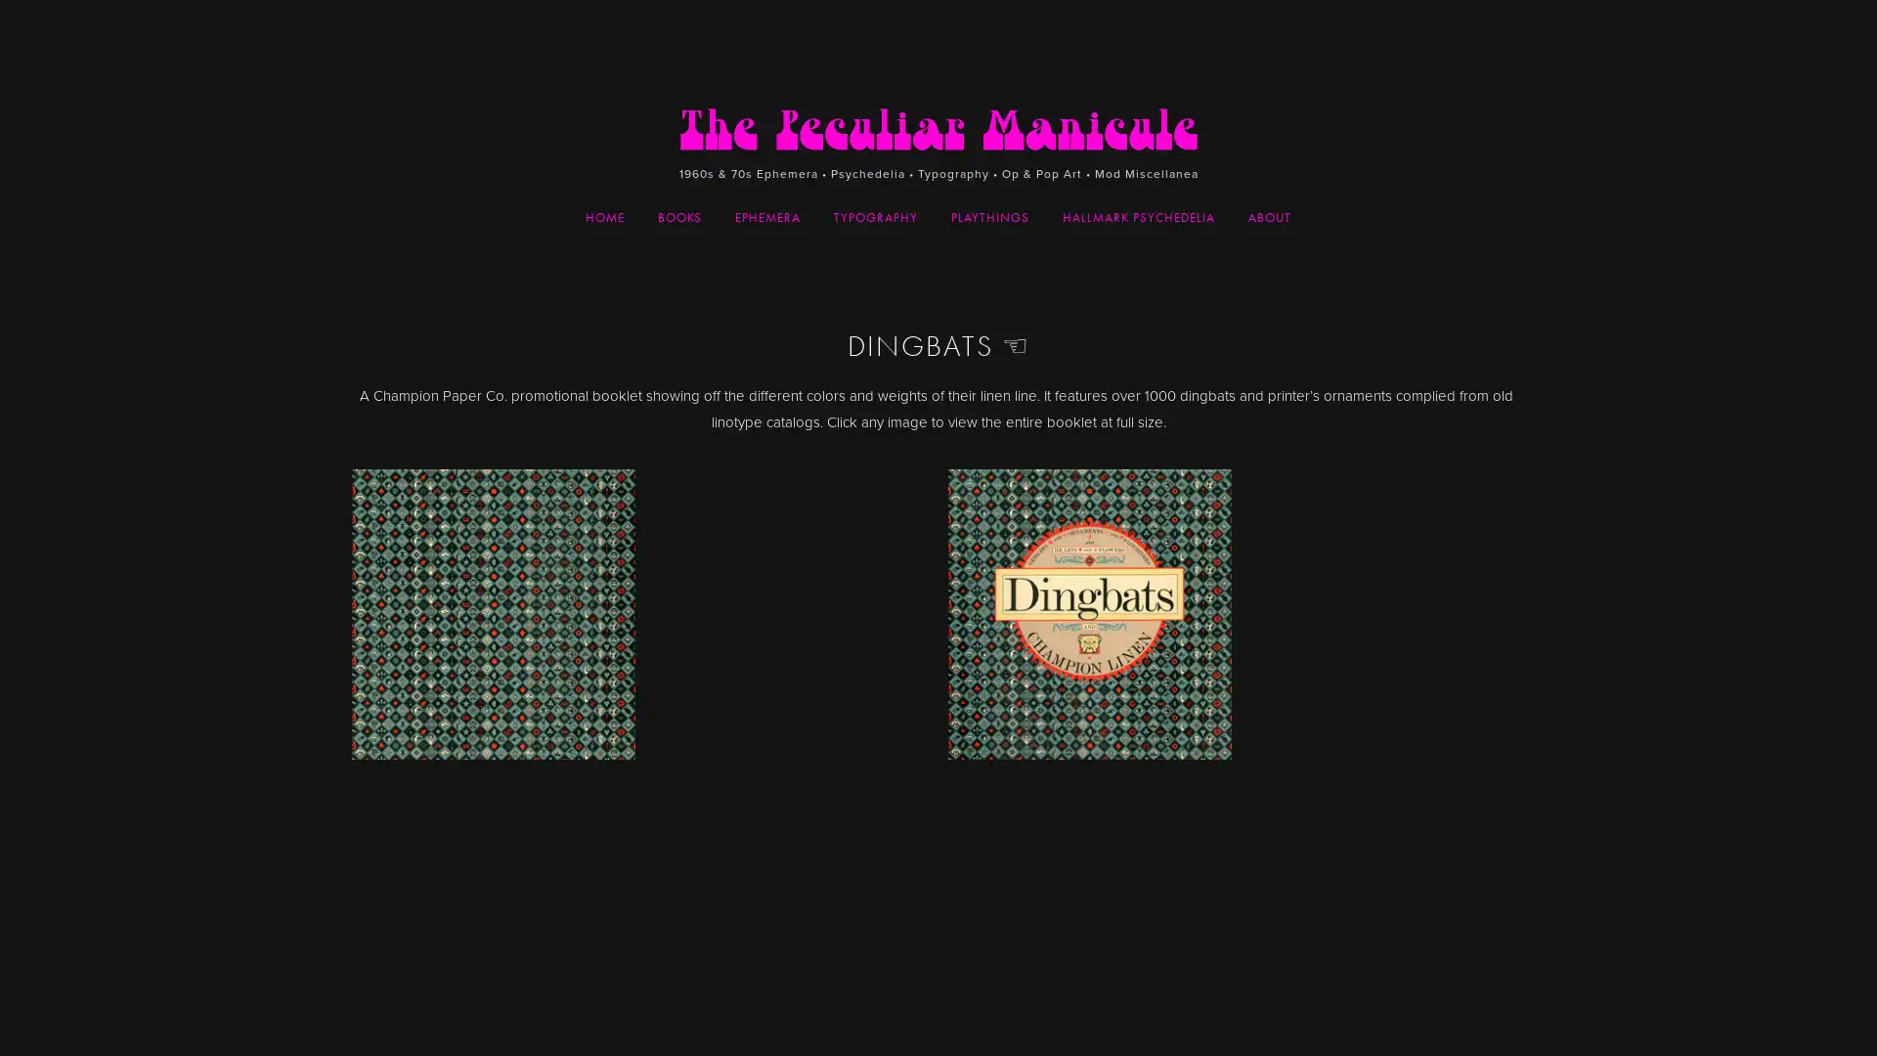 The image size is (1877, 1056). I want to click on View fullsize dingbats_cover-2.jpg, so click(1236, 757).